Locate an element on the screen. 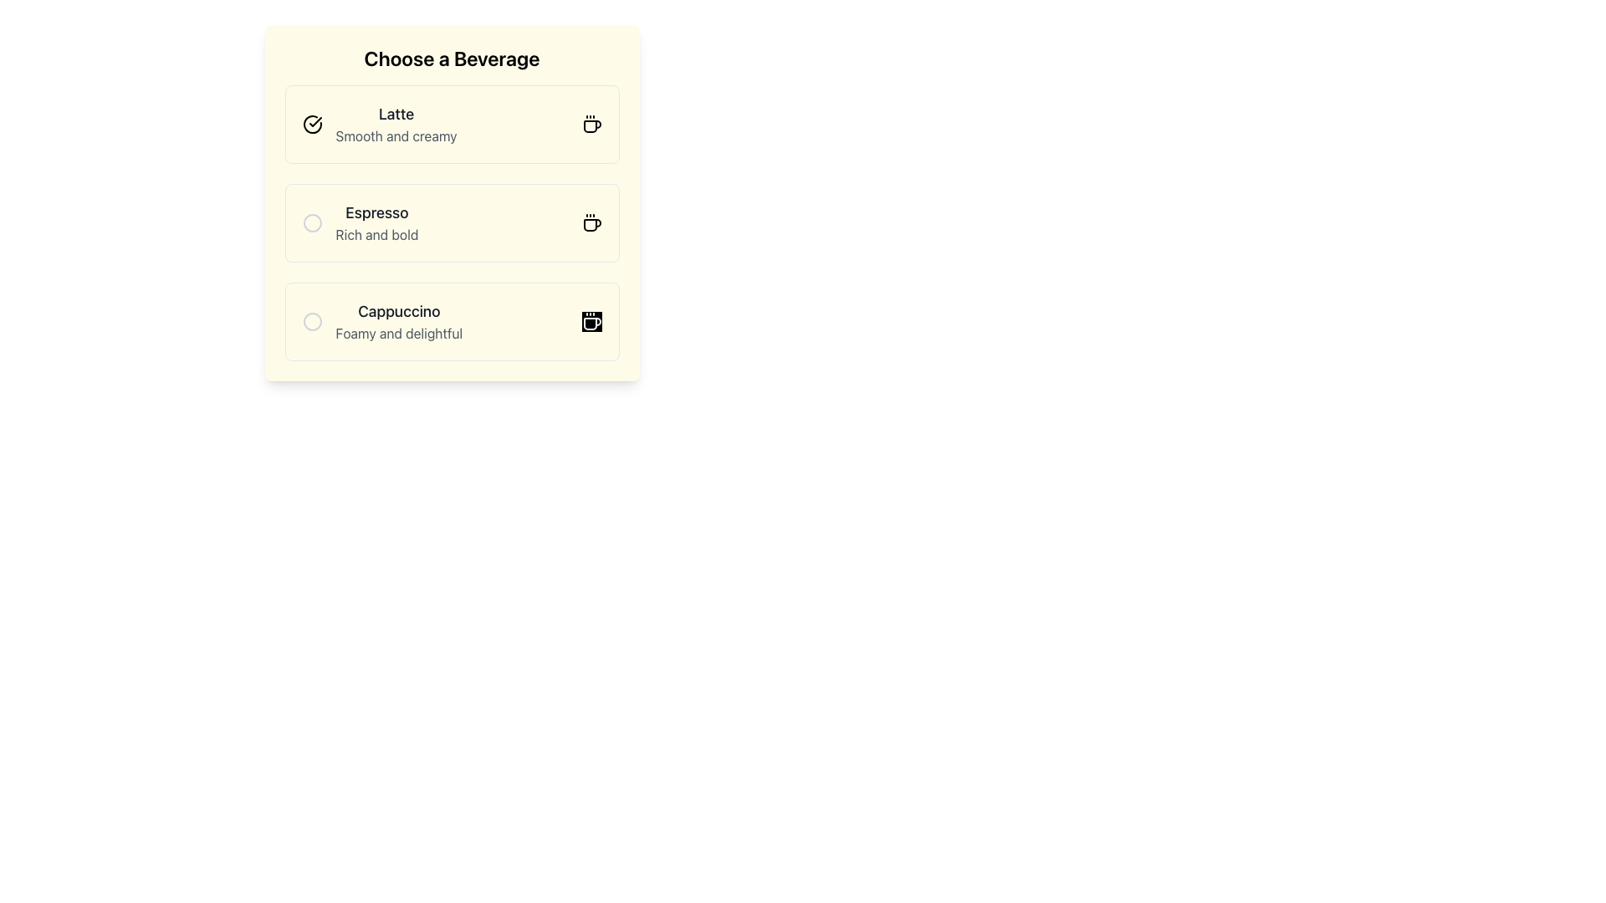 The image size is (1606, 903). the coffee cup icon located within the 'Cappuccino' selection card, positioned at the far right side above the text 'Foamy and delightful.' is located at coordinates (592, 324).